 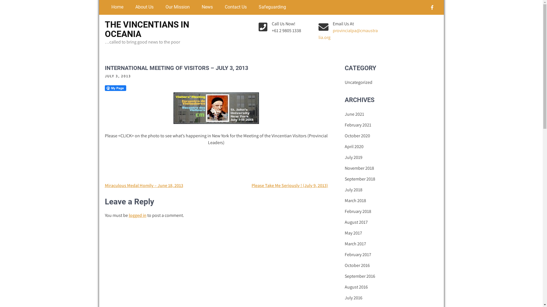 What do you see at coordinates (344, 136) in the screenshot?
I see `'October 2020'` at bounding box center [344, 136].